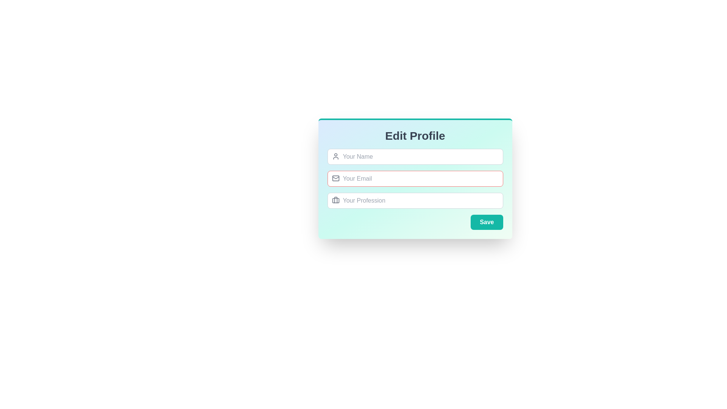 The height and width of the screenshot is (409, 727). Describe the element at coordinates (415, 135) in the screenshot. I see `the prominently styled header text displaying 'Edit Profile', which is located at the top-center of a card-like interface` at that location.